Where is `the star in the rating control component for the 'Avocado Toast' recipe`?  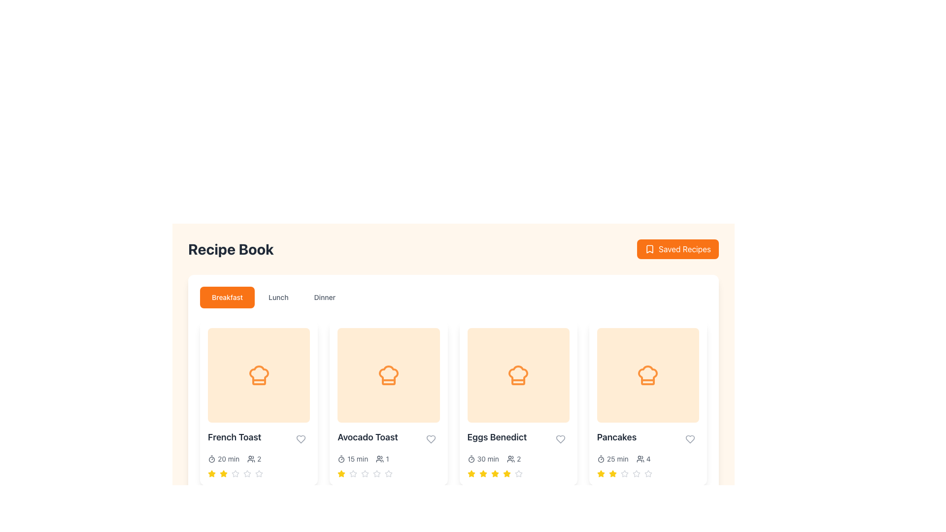
the star in the rating control component for the 'Avocado Toast' recipe is located at coordinates (388, 473).